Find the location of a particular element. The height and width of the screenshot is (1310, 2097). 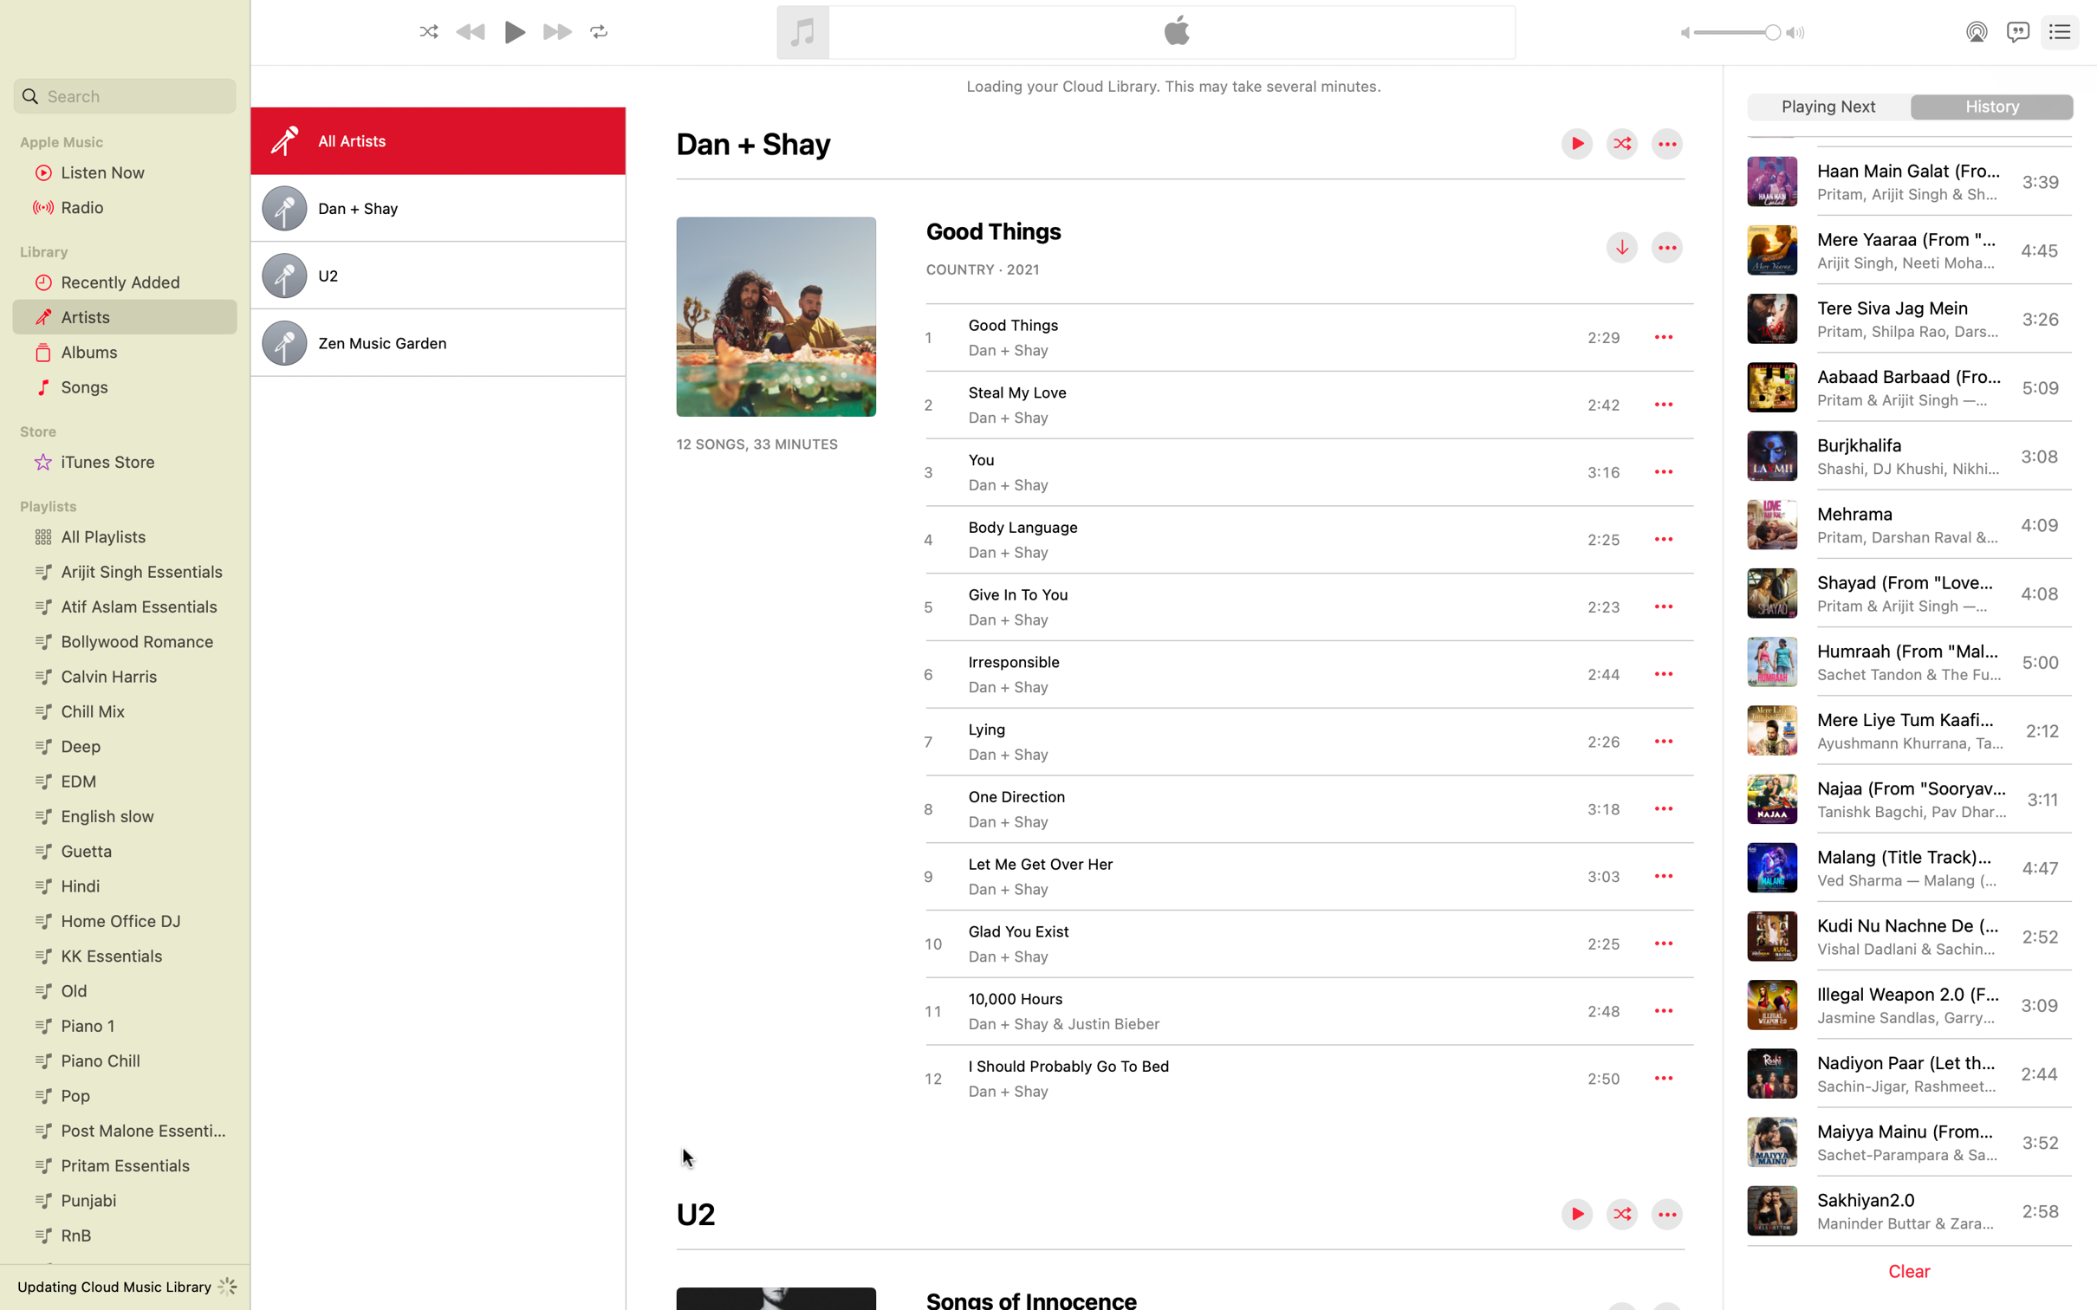

Play the next song in the queue is located at coordinates (1828, 107).